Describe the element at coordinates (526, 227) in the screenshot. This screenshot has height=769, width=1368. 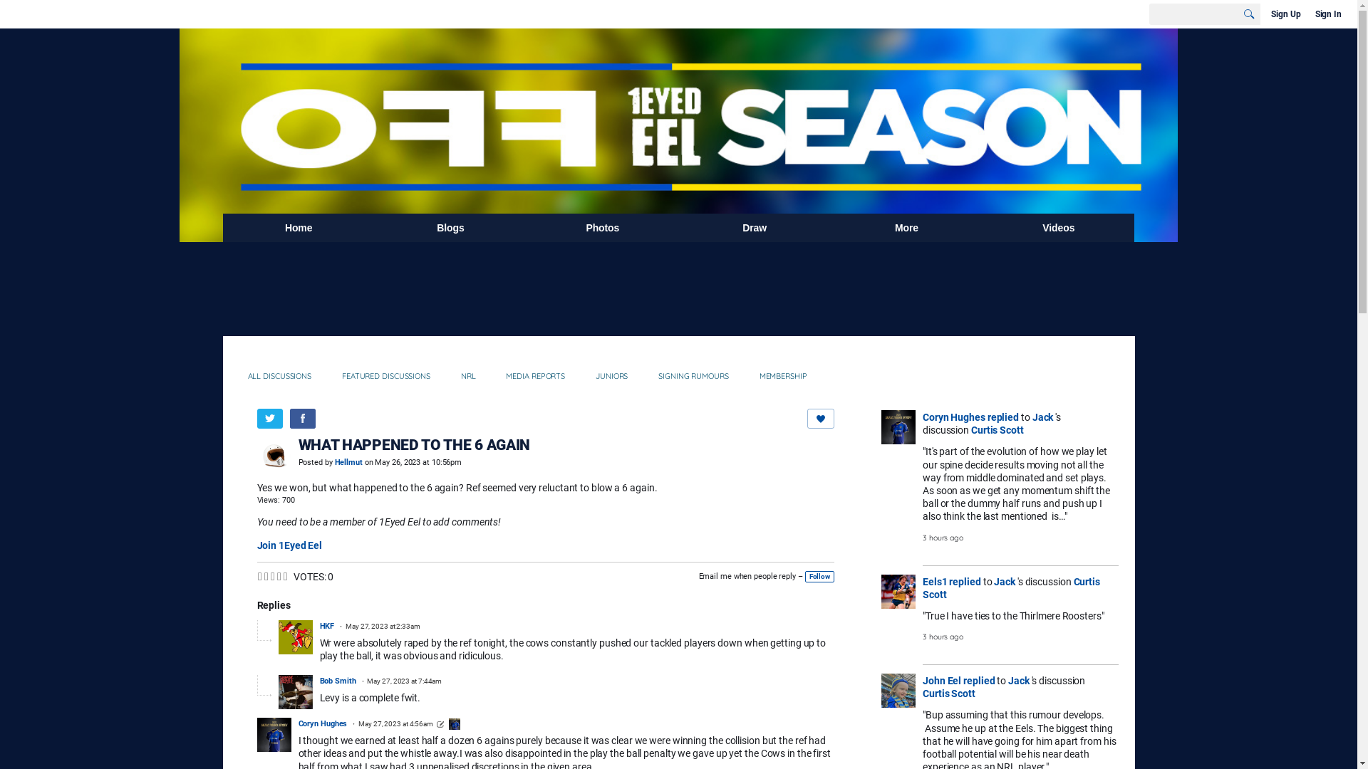
I see `'Photos'` at that location.